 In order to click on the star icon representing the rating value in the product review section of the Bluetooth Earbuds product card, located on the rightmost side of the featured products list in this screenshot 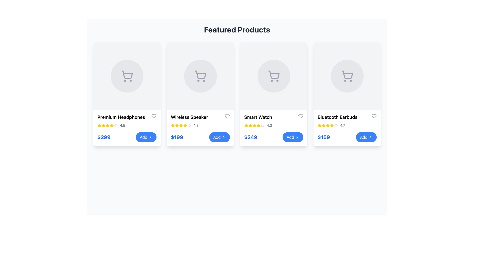, I will do `click(328, 125)`.